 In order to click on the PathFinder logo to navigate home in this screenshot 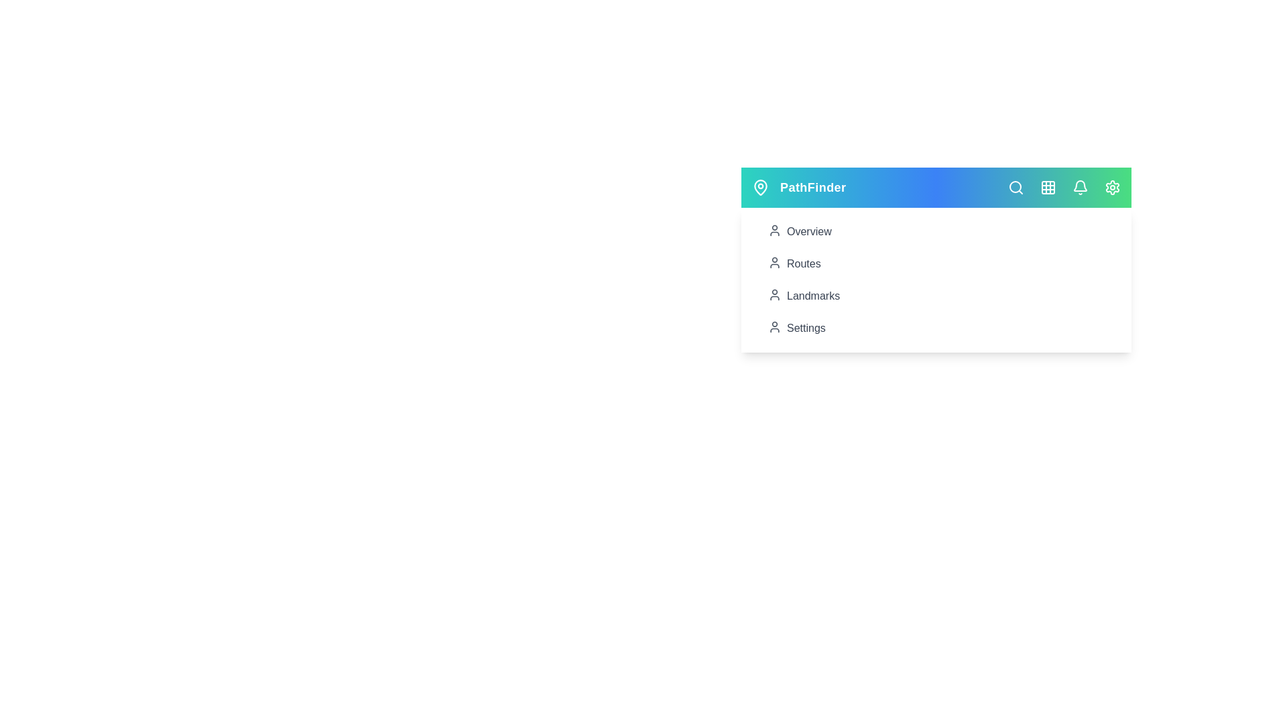, I will do `click(812, 188)`.